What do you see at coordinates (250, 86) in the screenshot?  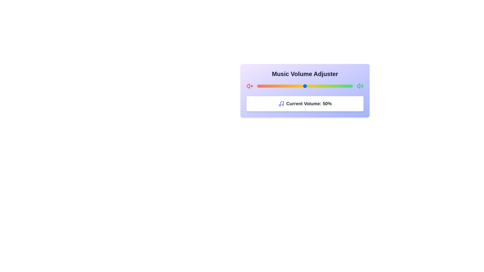 I see `the mute icon to mute the volume` at bounding box center [250, 86].